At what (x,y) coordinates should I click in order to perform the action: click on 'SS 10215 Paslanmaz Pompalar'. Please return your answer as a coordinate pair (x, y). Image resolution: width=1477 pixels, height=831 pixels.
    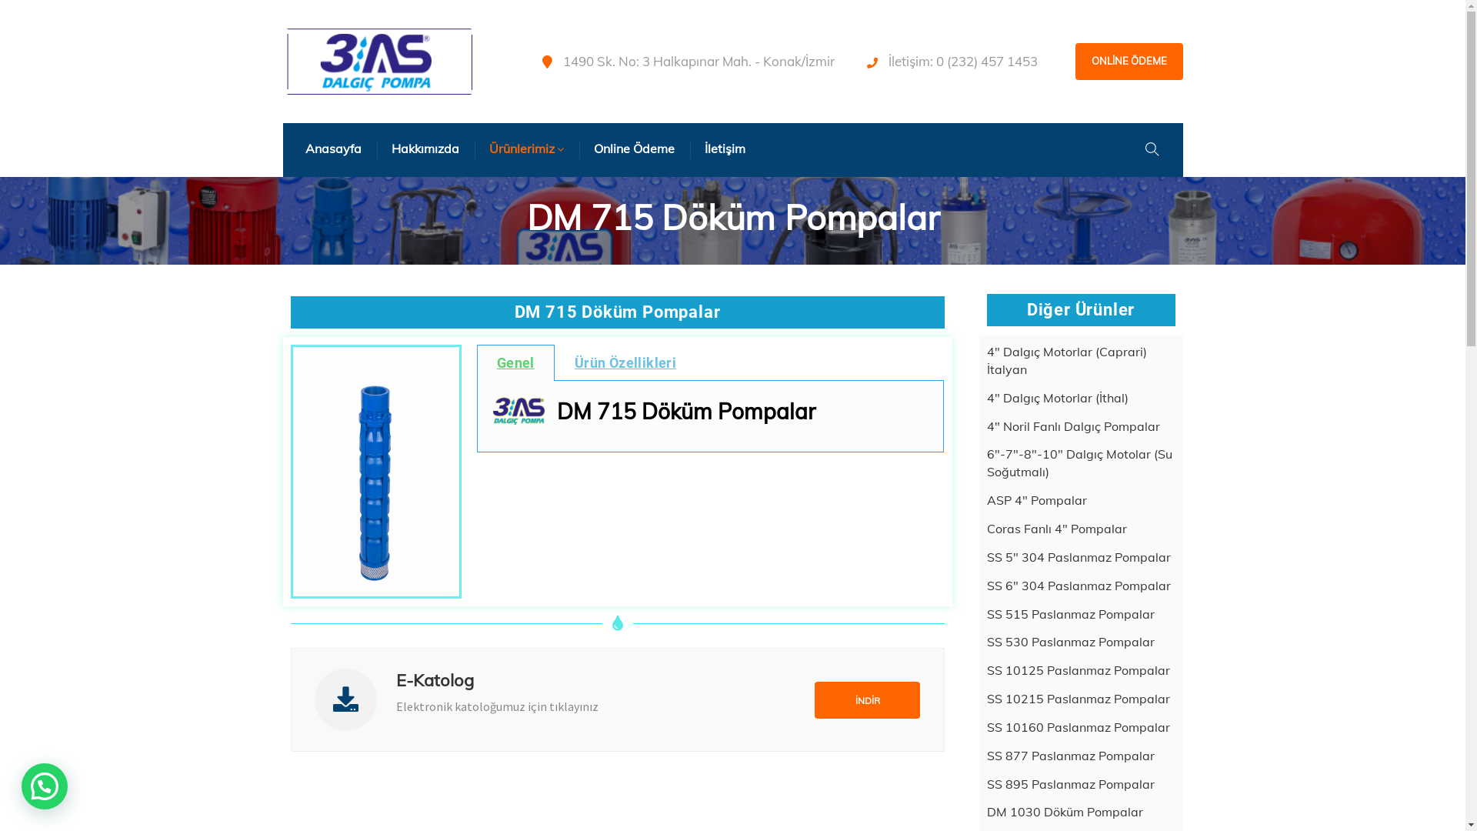
    Looking at the image, I should click on (1077, 699).